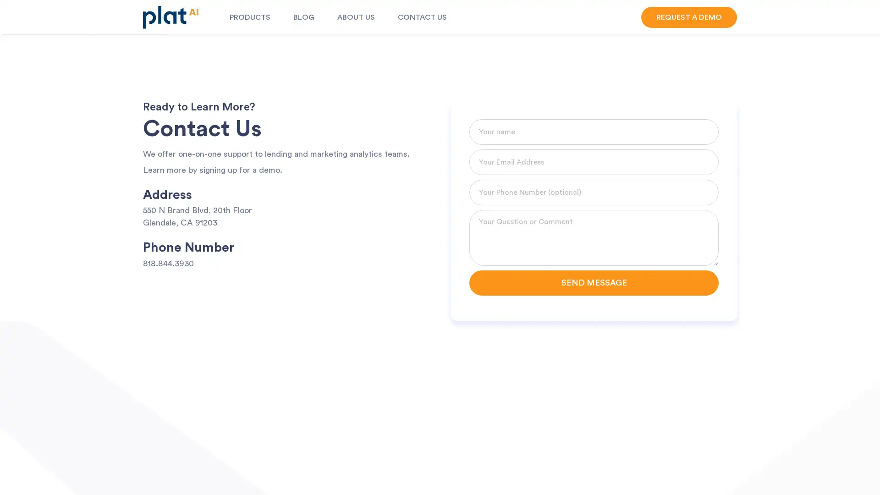 This screenshot has height=495, width=880. Describe the element at coordinates (594, 282) in the screenshot. I see `Send Message` at that location.